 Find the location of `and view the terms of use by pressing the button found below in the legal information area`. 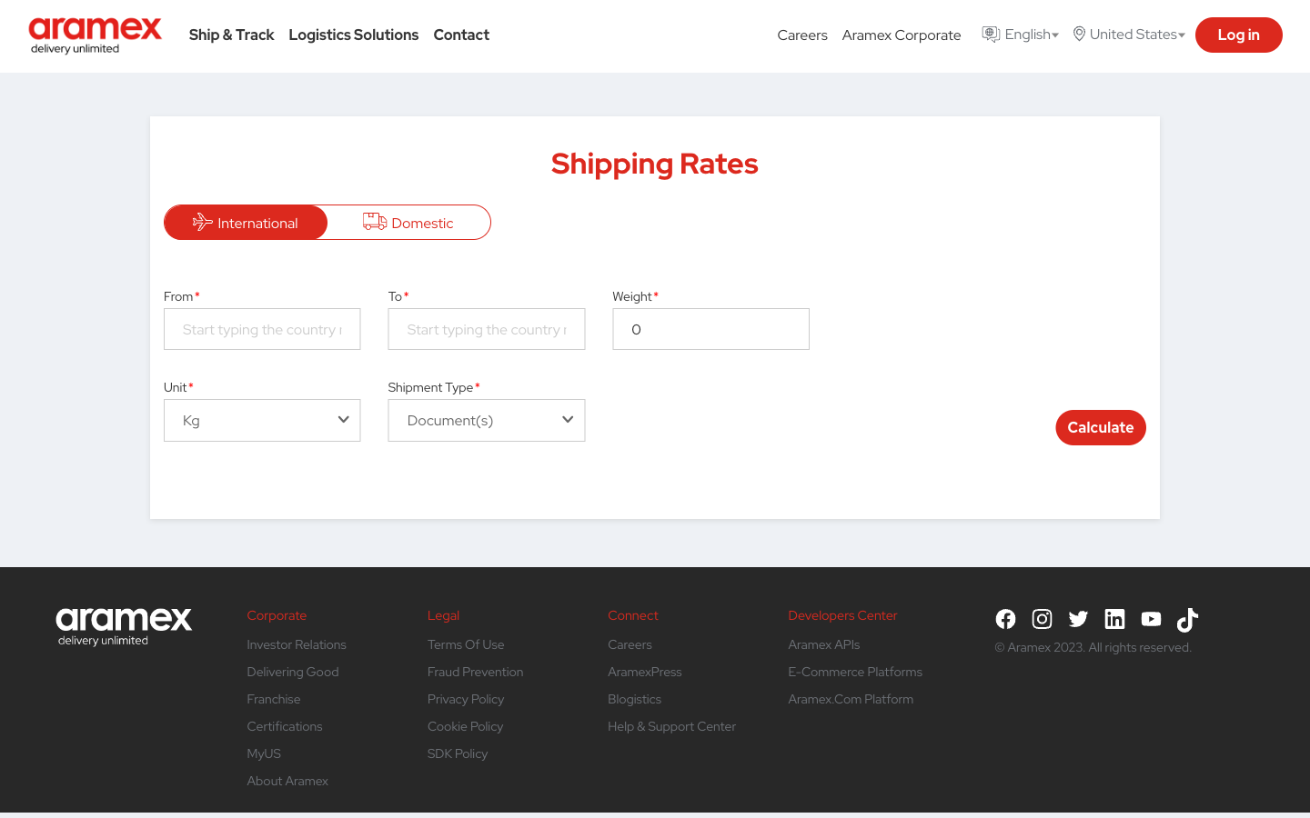

and view the terms of use by pressing the button found below in the legal information area is located at coordinates (465, 643).